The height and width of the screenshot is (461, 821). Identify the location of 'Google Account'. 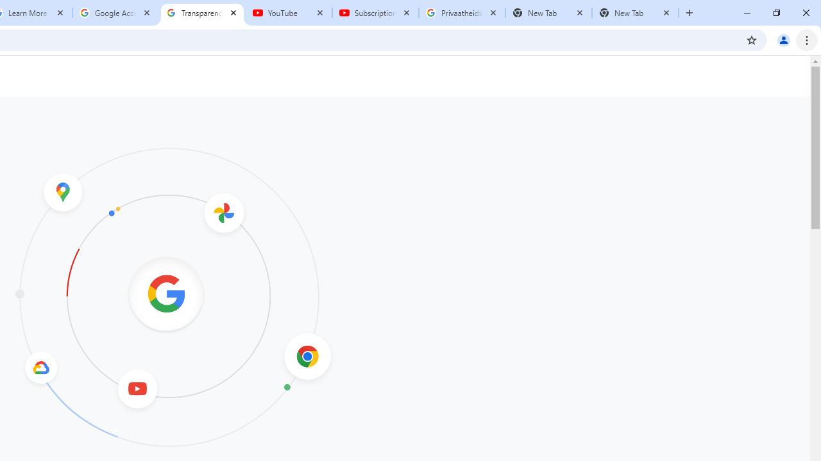
(115, 13).